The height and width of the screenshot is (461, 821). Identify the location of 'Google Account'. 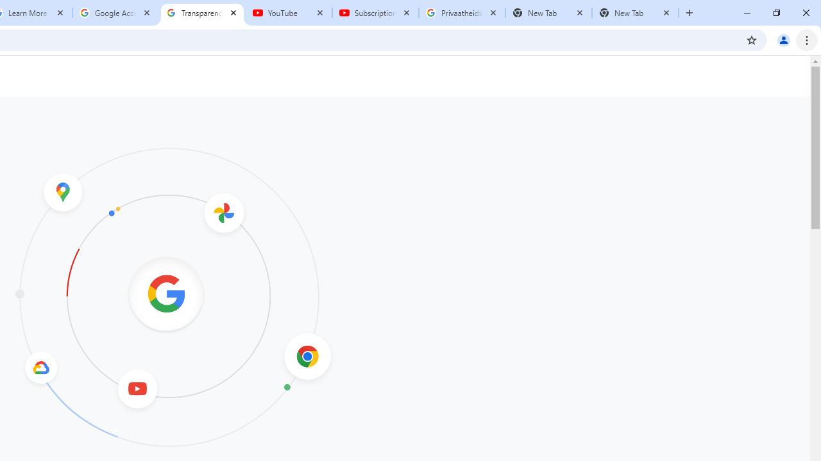
(115, 13).